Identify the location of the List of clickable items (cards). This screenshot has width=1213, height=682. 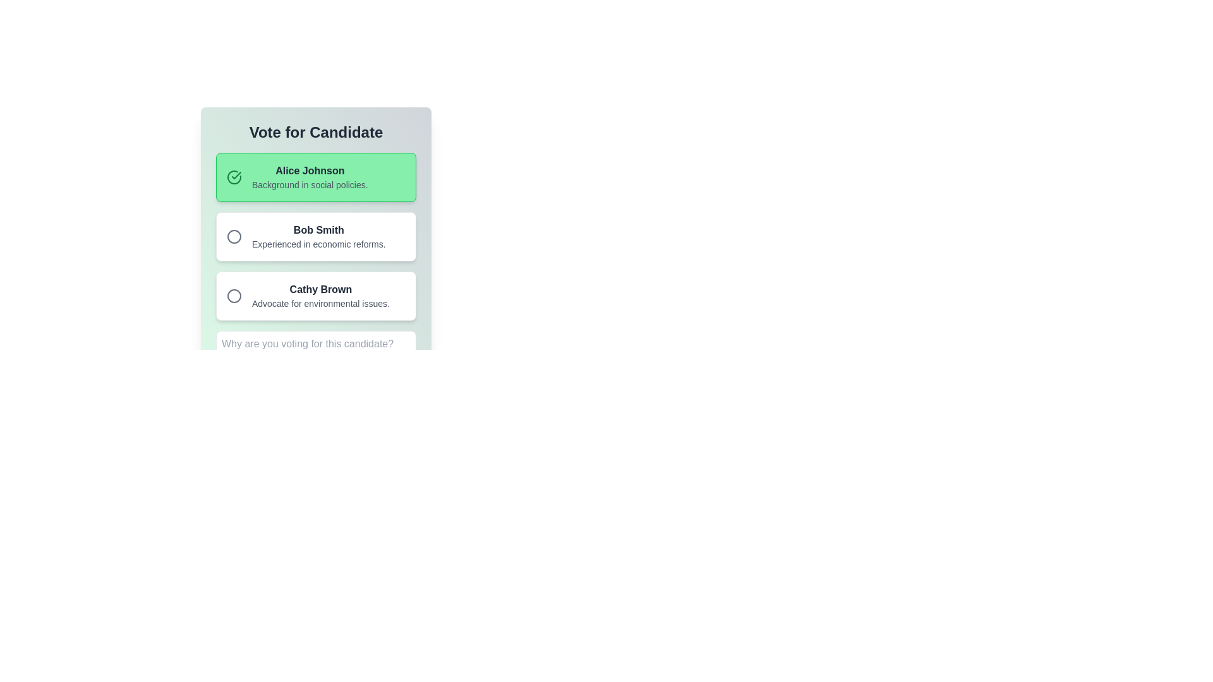
(316, 236).